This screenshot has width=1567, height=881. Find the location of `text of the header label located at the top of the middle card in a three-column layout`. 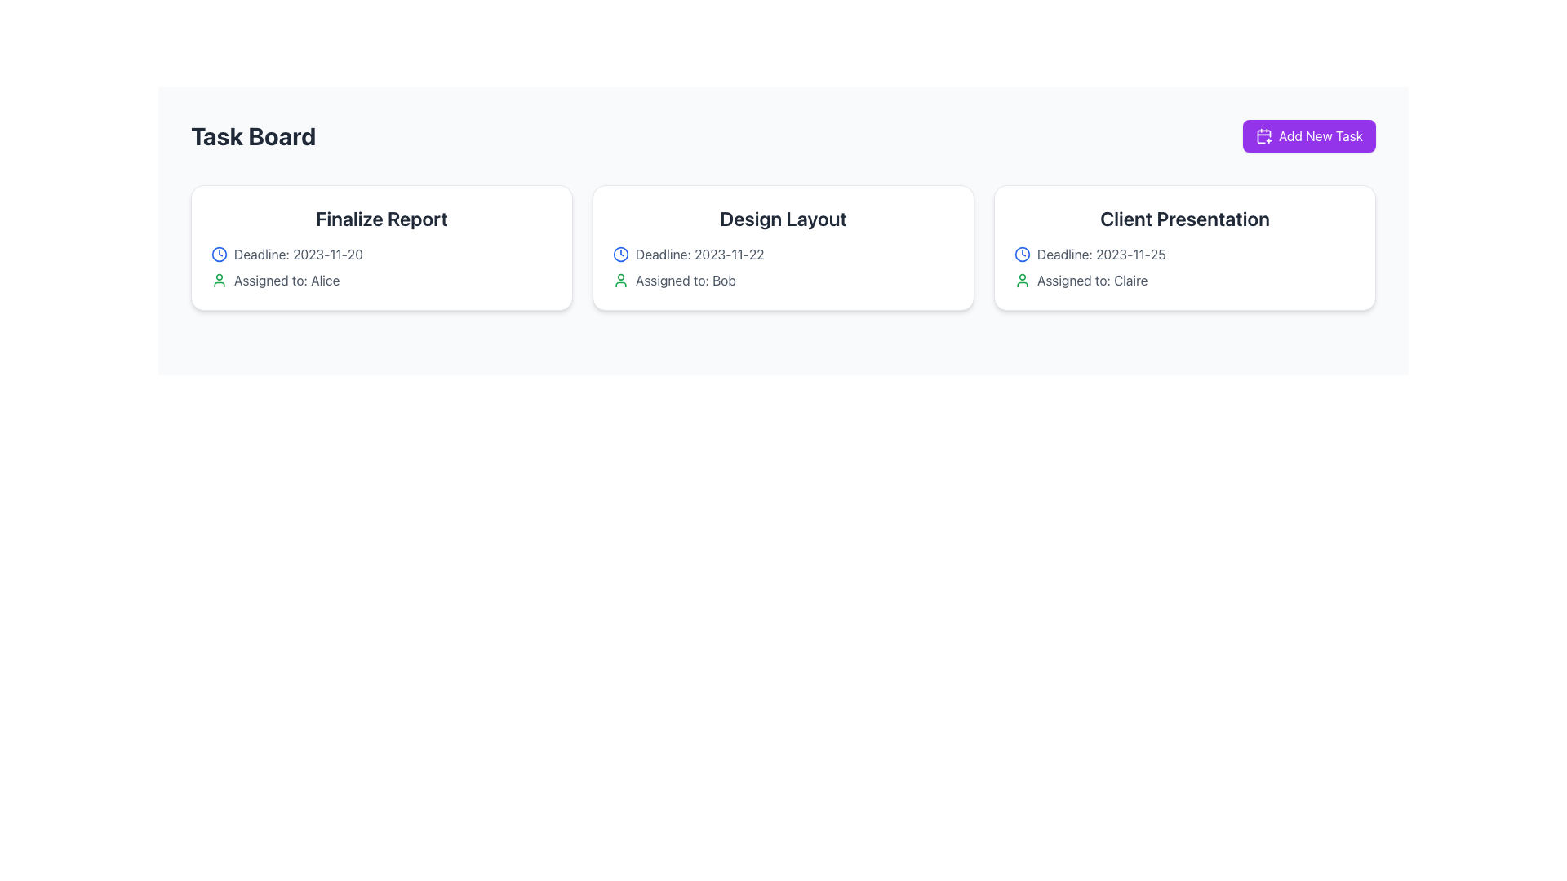

text of the header label located at the top of the middle card in a three-column layout is located at coordinates (783, 217).